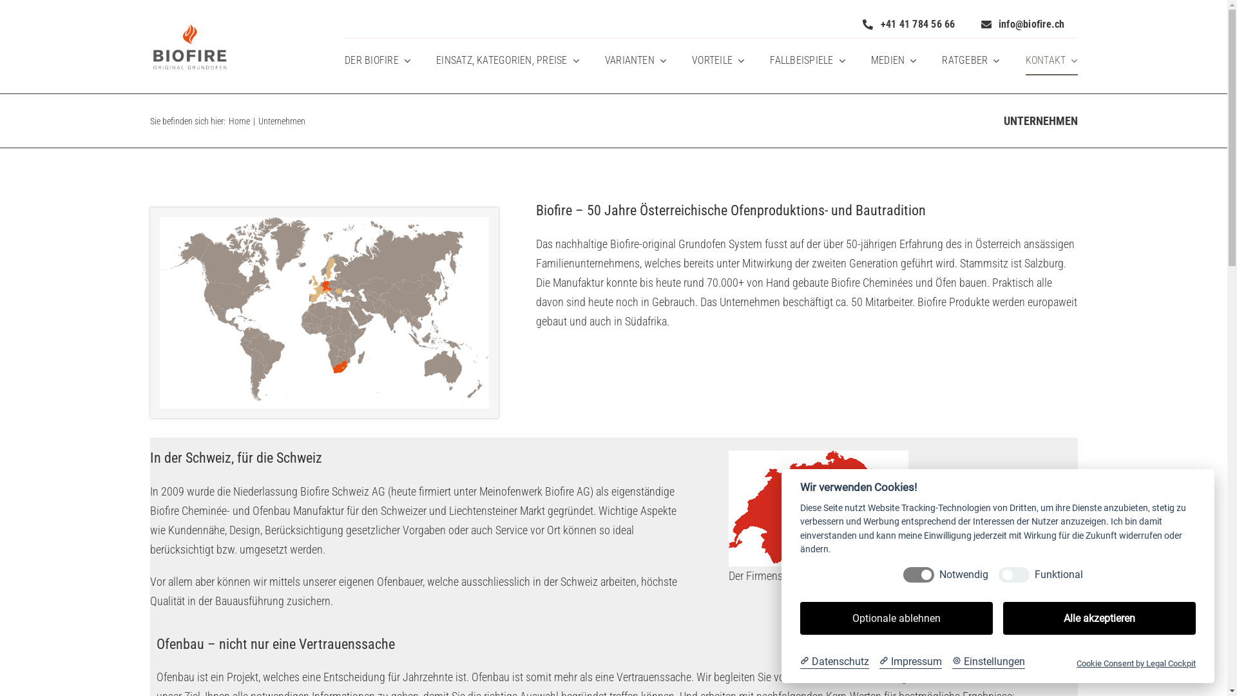 The image size is (1237, 696). I want to click on 'info@biofire.ch', so click(1022, 24).